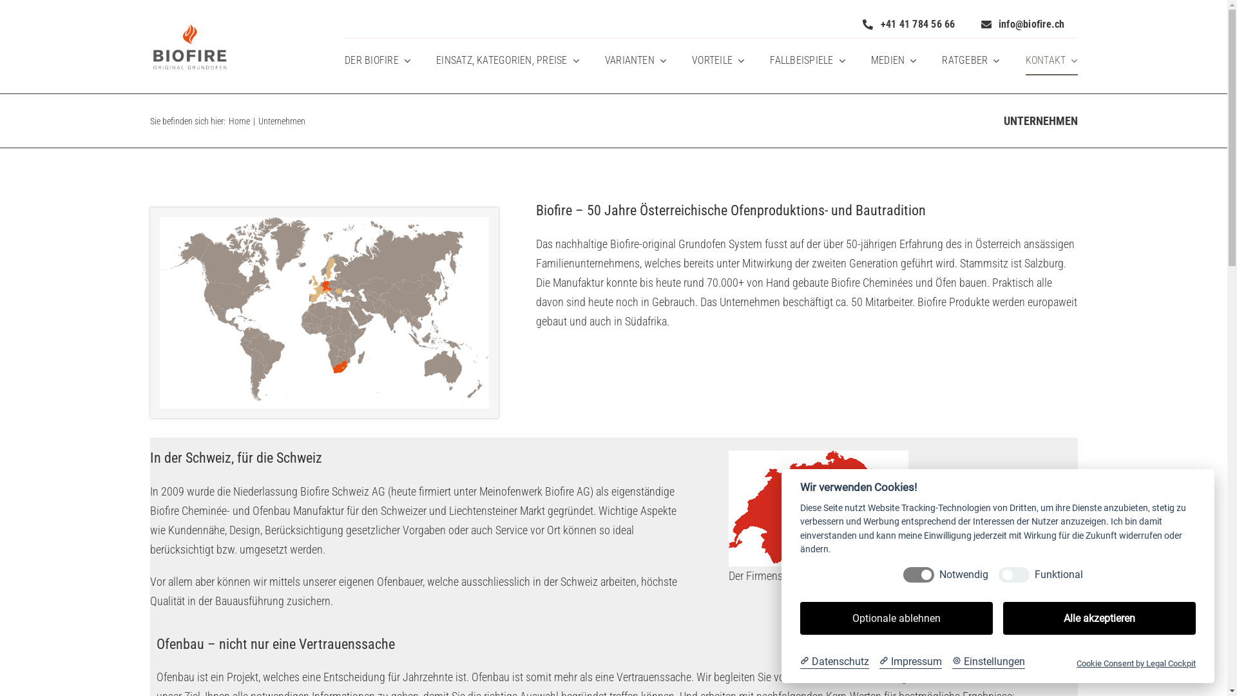 The image size is (1237, 696). I want to click on 'info@biofire.ch', so click(1022, 24).